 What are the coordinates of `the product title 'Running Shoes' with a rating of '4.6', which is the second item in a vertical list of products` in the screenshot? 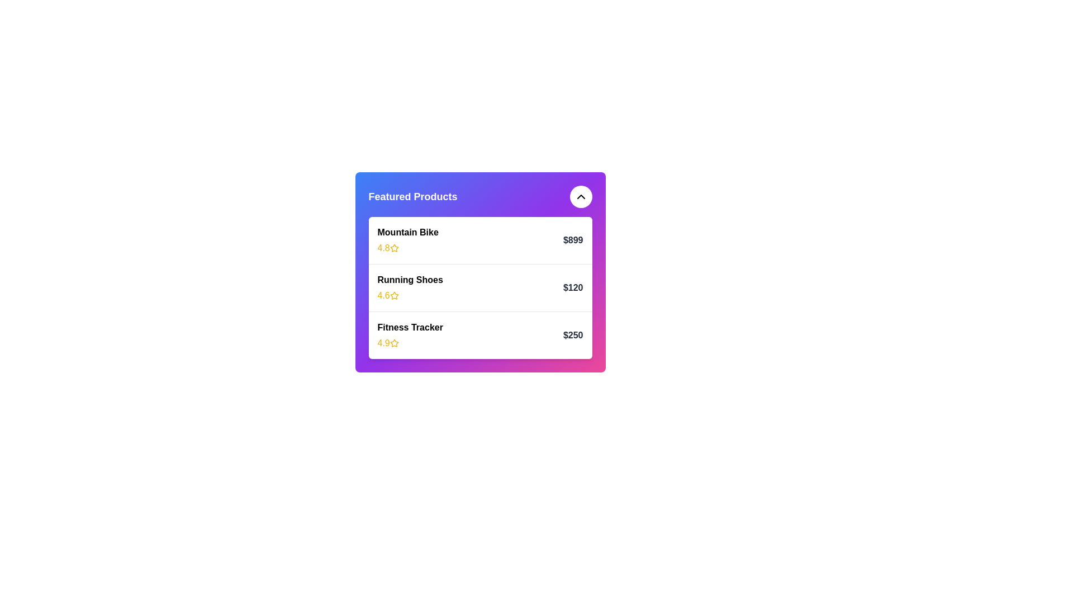 It's located at (410, 287).